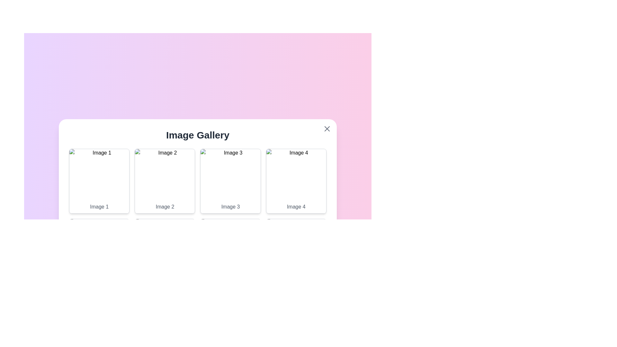  Describe the element at coordinates (327, 129) in the screenshot. I see `the 'X' button to close the dialog` at that location.